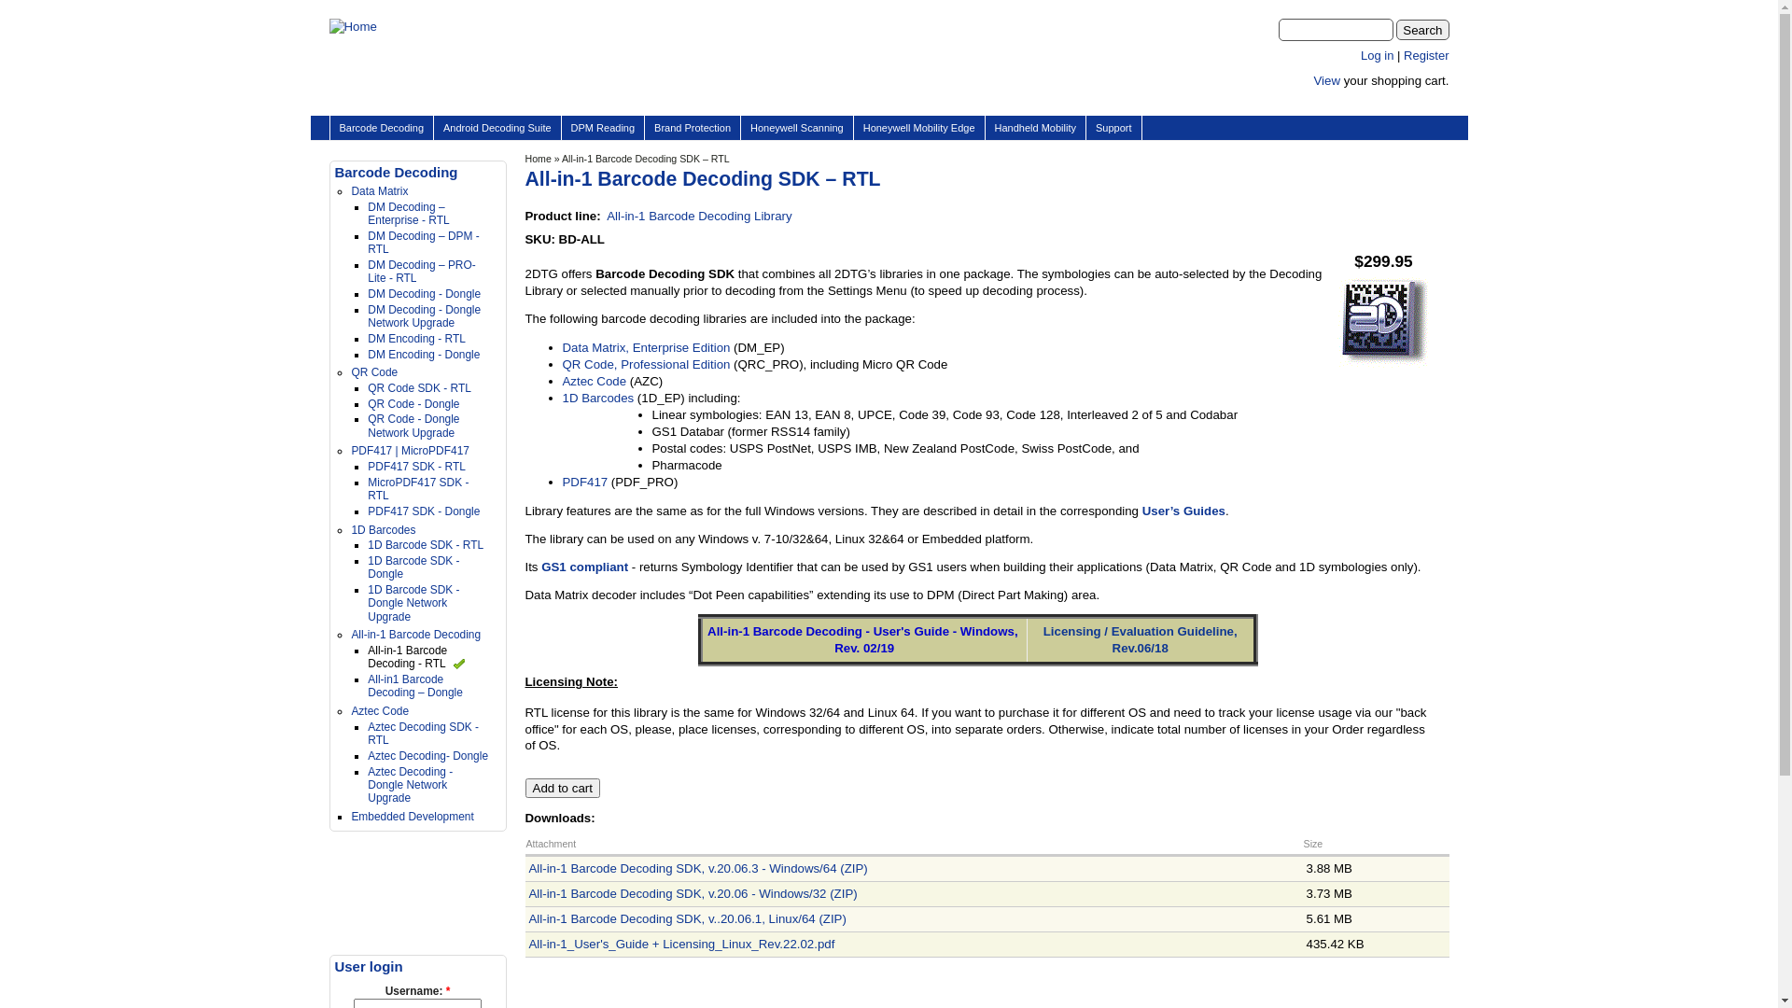  Describe the element at coordinates (645, 347) in the screenshot. I see `'Data Matrix, Enterprise Edition'` at that location.